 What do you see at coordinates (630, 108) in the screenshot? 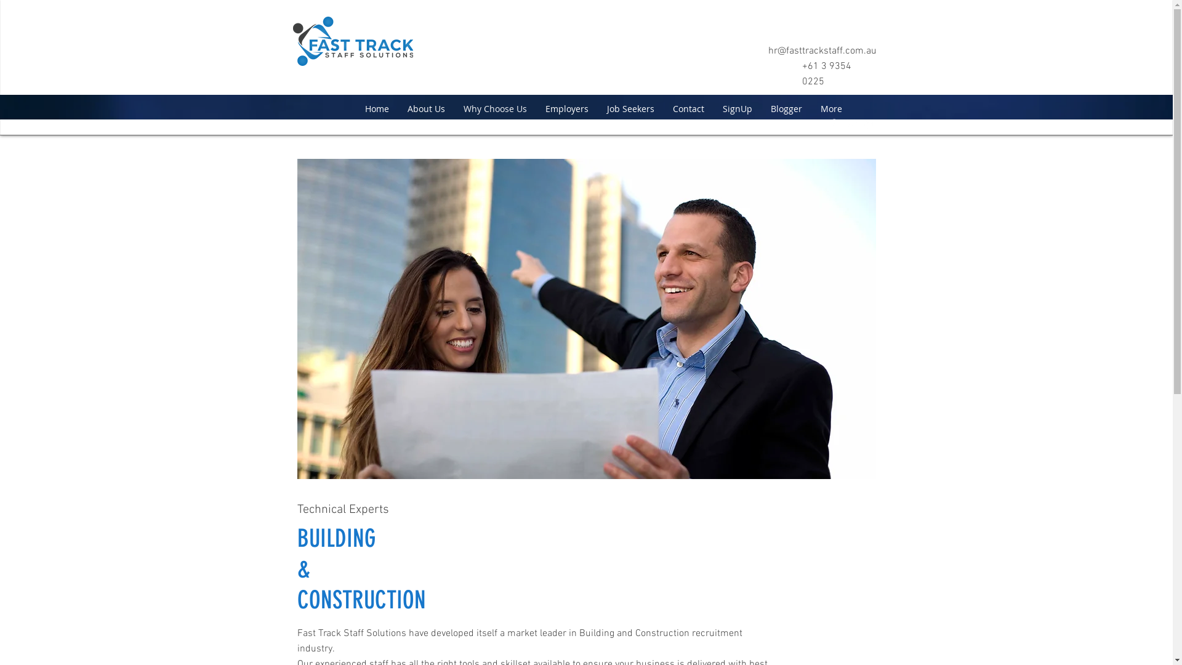
I see `'Job Seekers'` at bounding box center [630, 108].